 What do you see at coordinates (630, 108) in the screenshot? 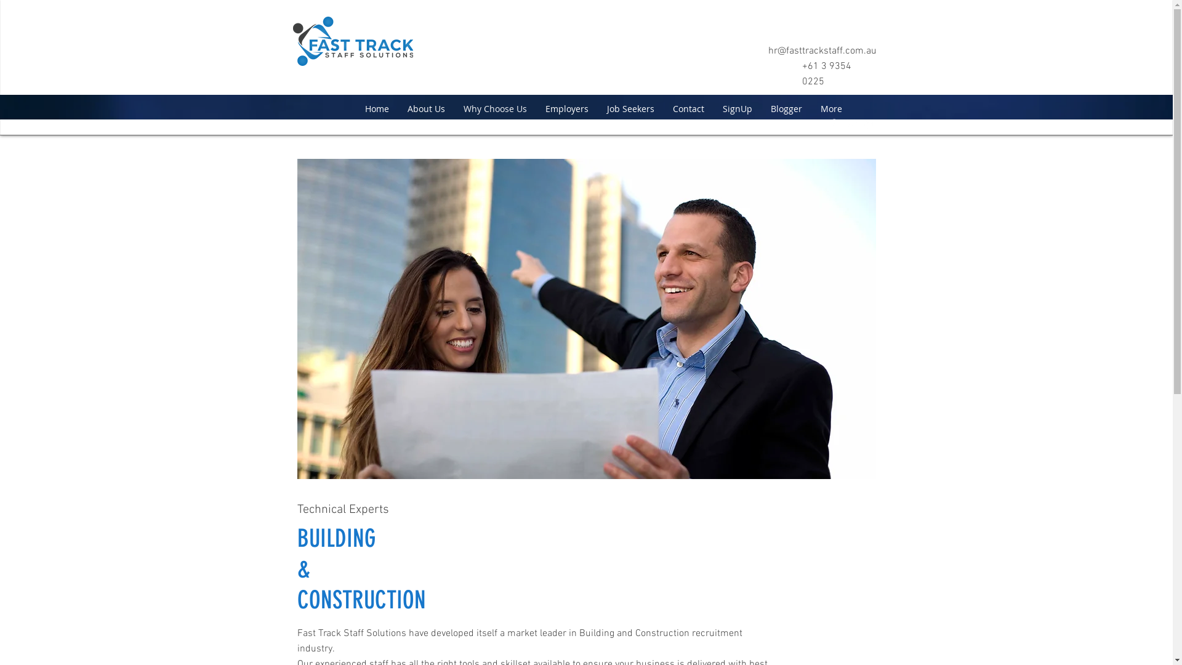
I see `'Job Seekers'` at bounding box center [630, 108].